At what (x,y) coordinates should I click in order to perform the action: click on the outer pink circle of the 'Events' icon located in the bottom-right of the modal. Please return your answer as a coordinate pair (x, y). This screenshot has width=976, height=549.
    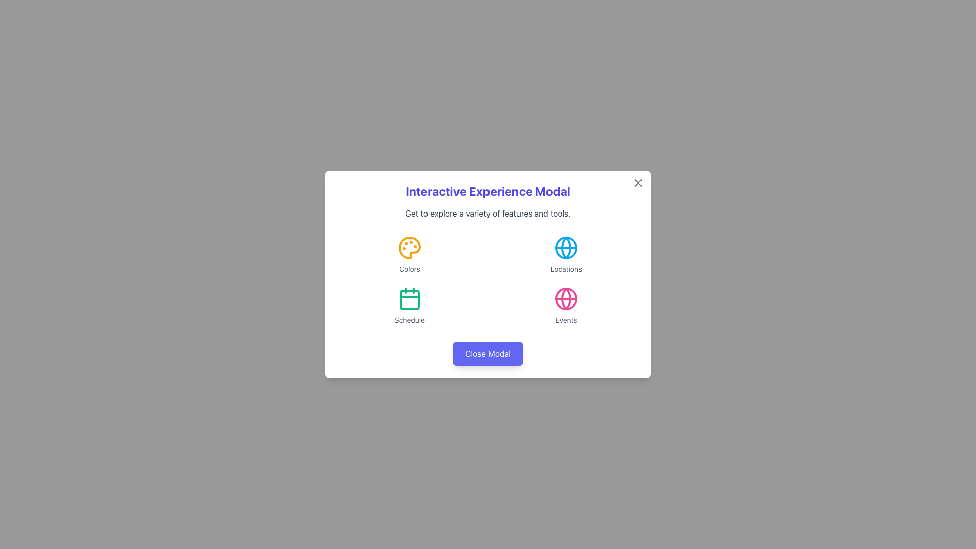
    Looking at the image, I should click on (565, 298).